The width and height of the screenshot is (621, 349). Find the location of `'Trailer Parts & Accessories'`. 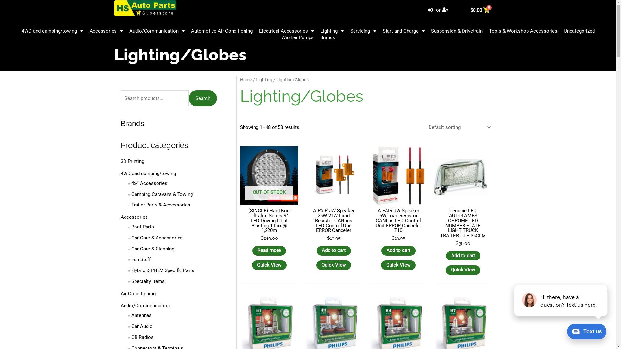

'Trailer Parts & Accessories' is located at coordinates (161, 205).